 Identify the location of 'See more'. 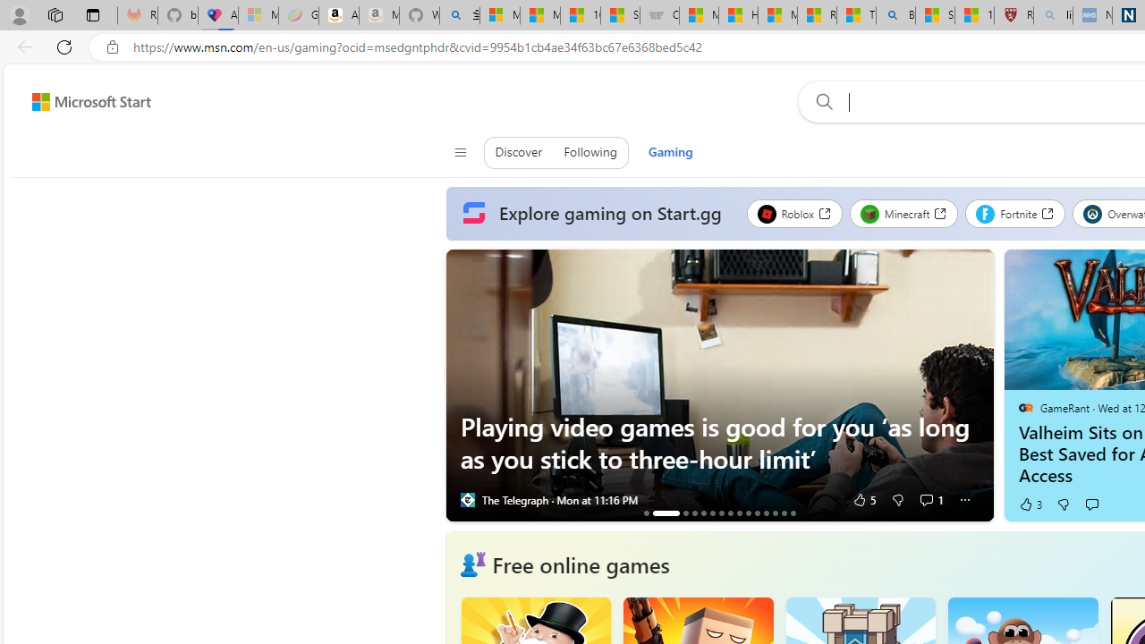
(963, 500).